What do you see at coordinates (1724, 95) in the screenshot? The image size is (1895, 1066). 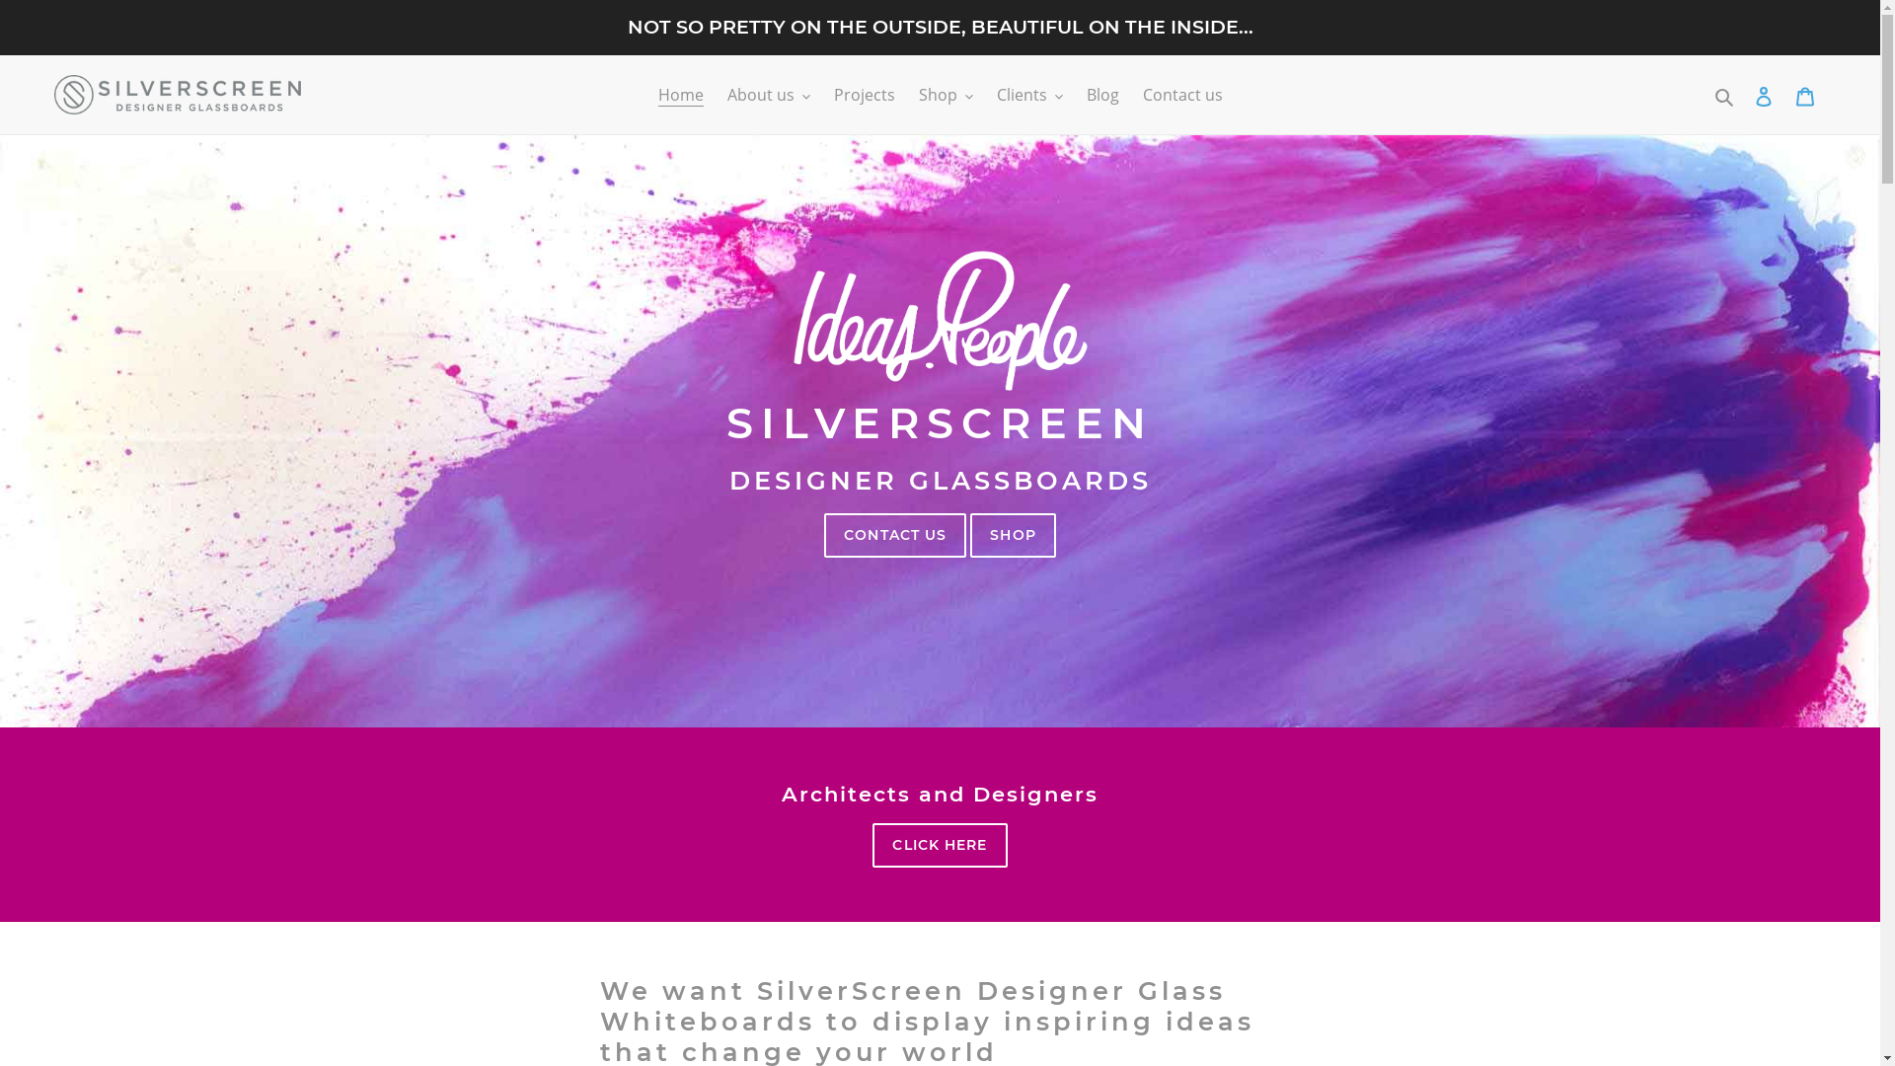 I see `'Search'` at bounding box center [1724, 95].